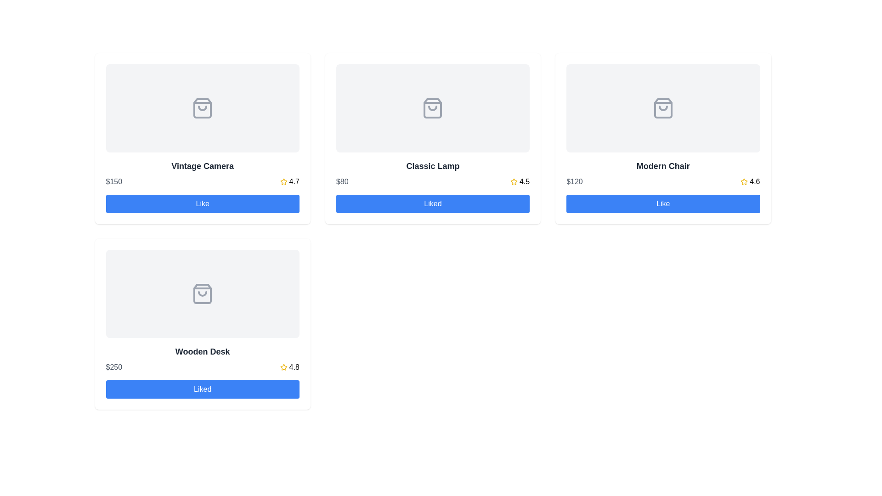 Image resolution: width=882 pixels, height=496 pixels. Describe the element at coordinates (342, 182) in the screenshot. I see `text of the price label for the product 'Classic Lamp', located at the top-left corner of the pricing and rating row card` at that location.